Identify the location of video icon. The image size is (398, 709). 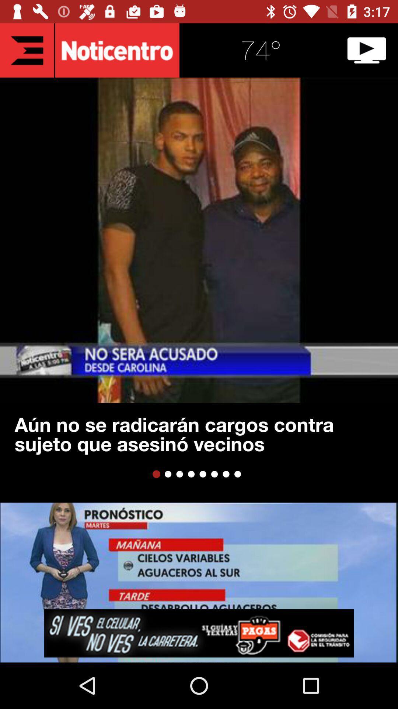
(367, 50).